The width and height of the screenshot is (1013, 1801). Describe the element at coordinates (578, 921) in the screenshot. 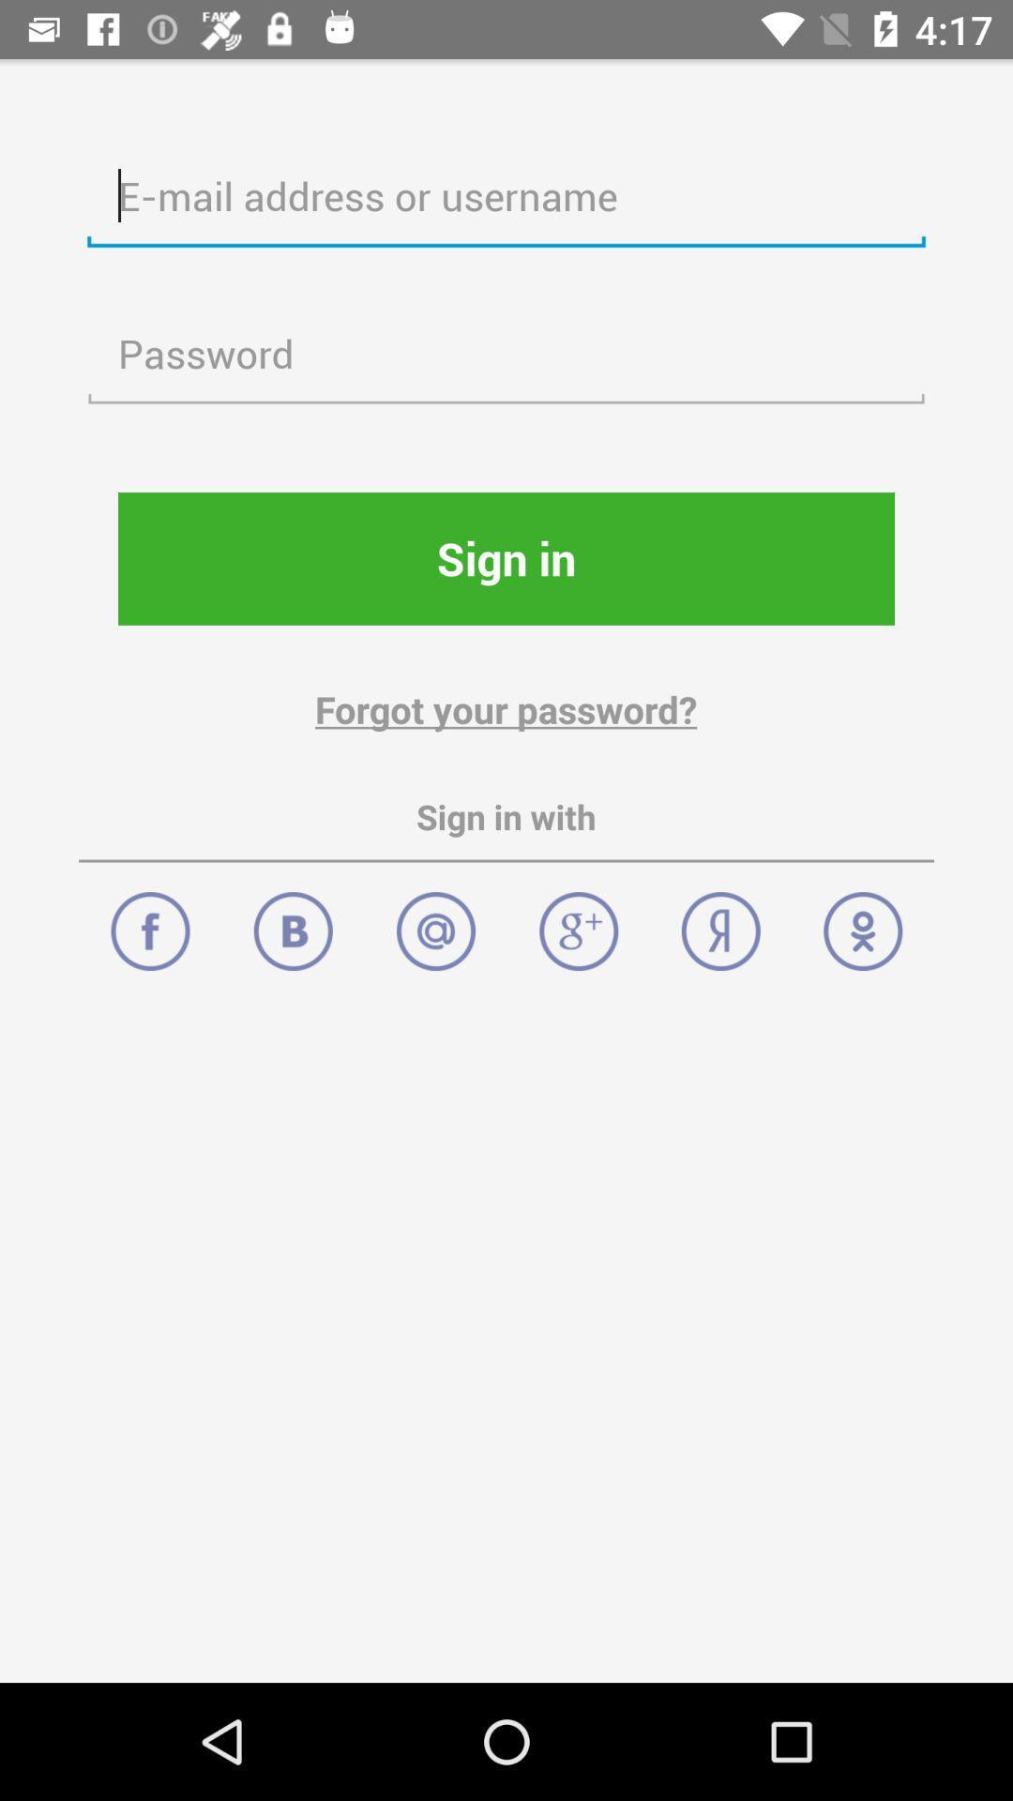

I see `g` at that location.